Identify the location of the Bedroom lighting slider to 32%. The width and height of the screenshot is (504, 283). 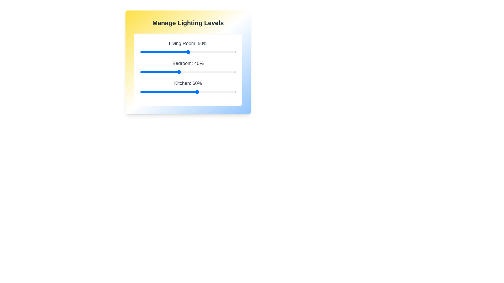
(171, 72).